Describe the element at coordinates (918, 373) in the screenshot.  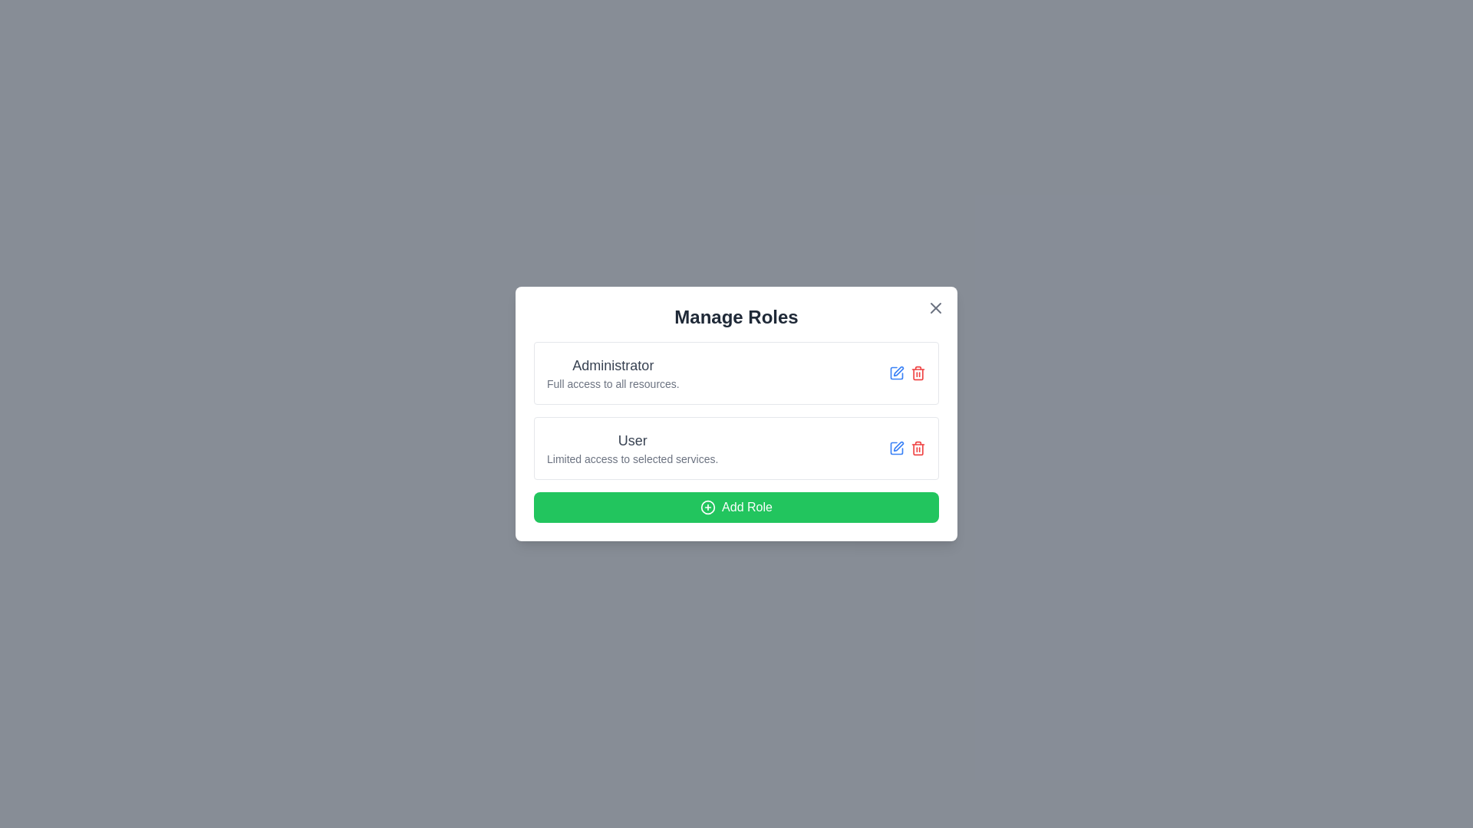
I see `the small red trash can icon button located in the second column of the 'Administrator' row` at that location.